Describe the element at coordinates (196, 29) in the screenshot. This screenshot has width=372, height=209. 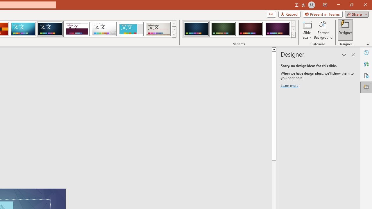
I see `'Damask Variant 1'` at that location.